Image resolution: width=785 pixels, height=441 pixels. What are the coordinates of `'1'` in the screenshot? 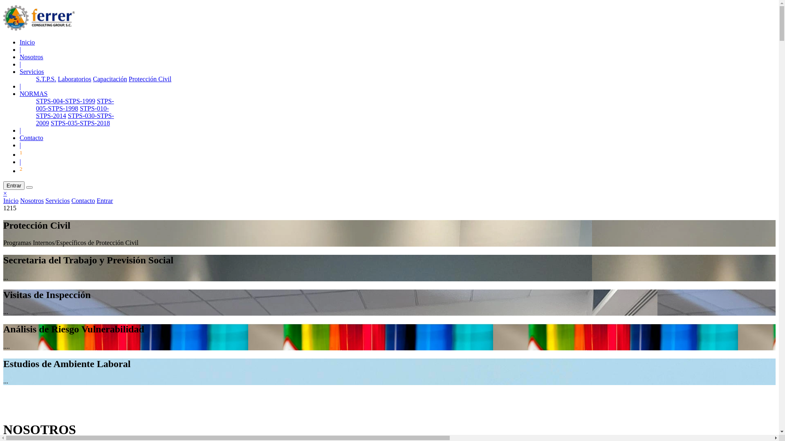 It's located at (21, 154).